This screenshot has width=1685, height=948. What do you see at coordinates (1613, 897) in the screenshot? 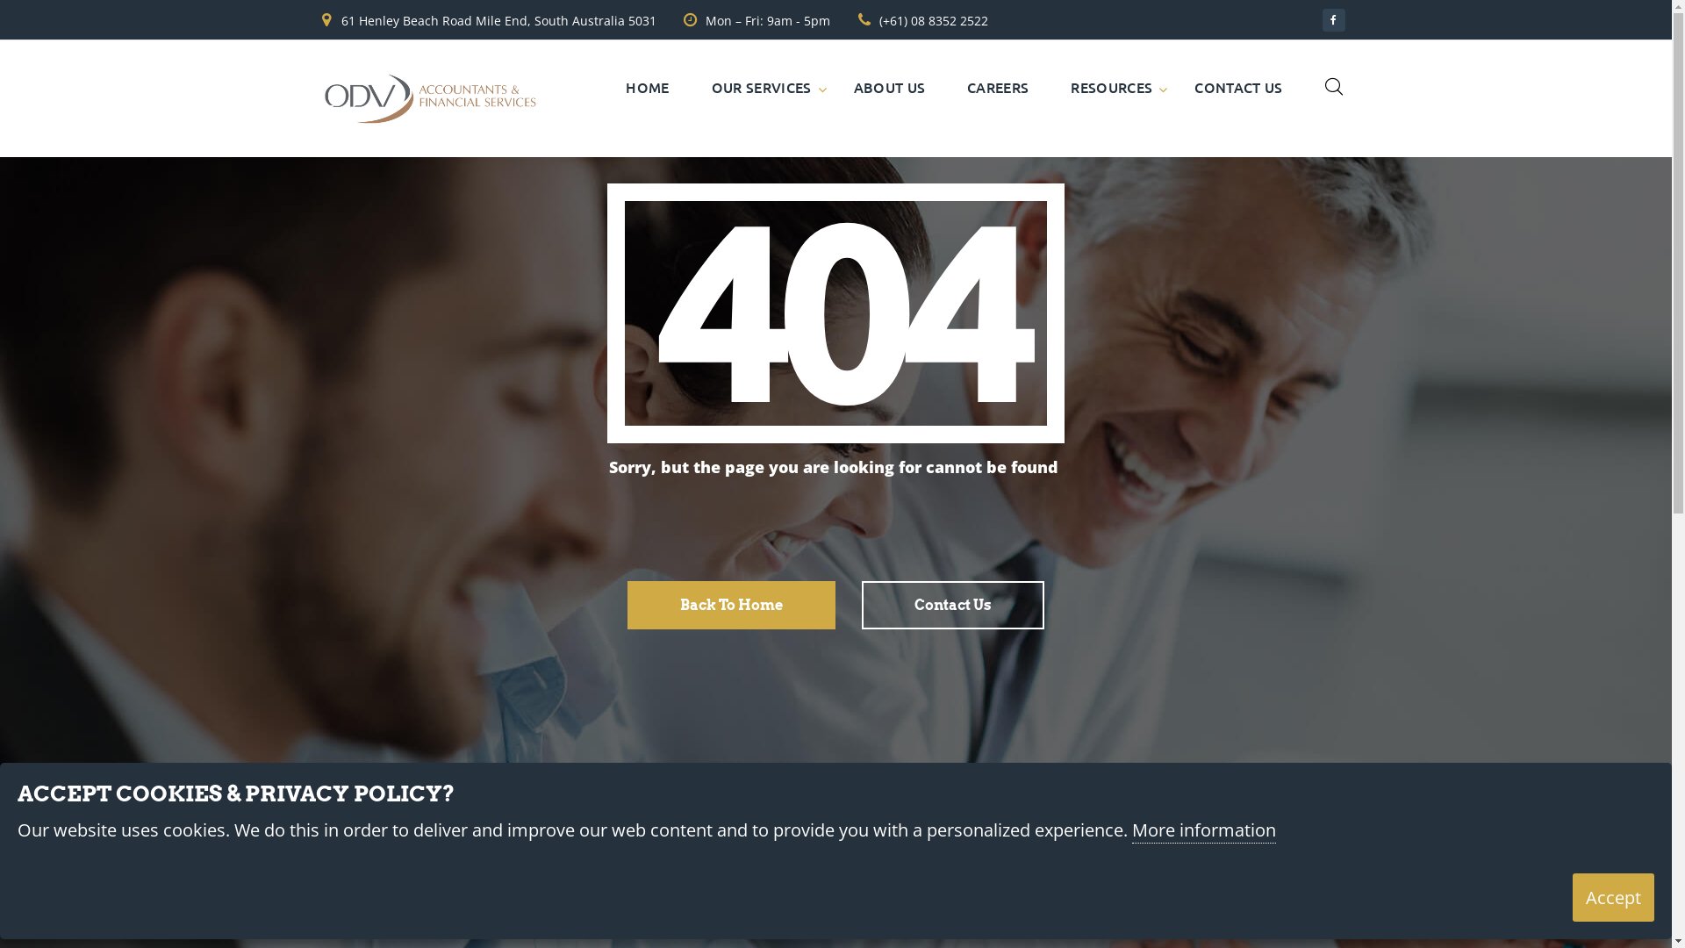
I see `'Accept'` at bounding box center [1613, 897].